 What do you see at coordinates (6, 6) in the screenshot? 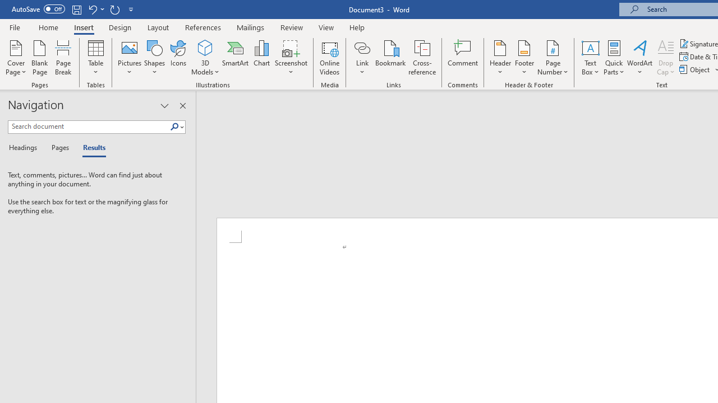
I see `'System'` at bounding box center [6, 6].